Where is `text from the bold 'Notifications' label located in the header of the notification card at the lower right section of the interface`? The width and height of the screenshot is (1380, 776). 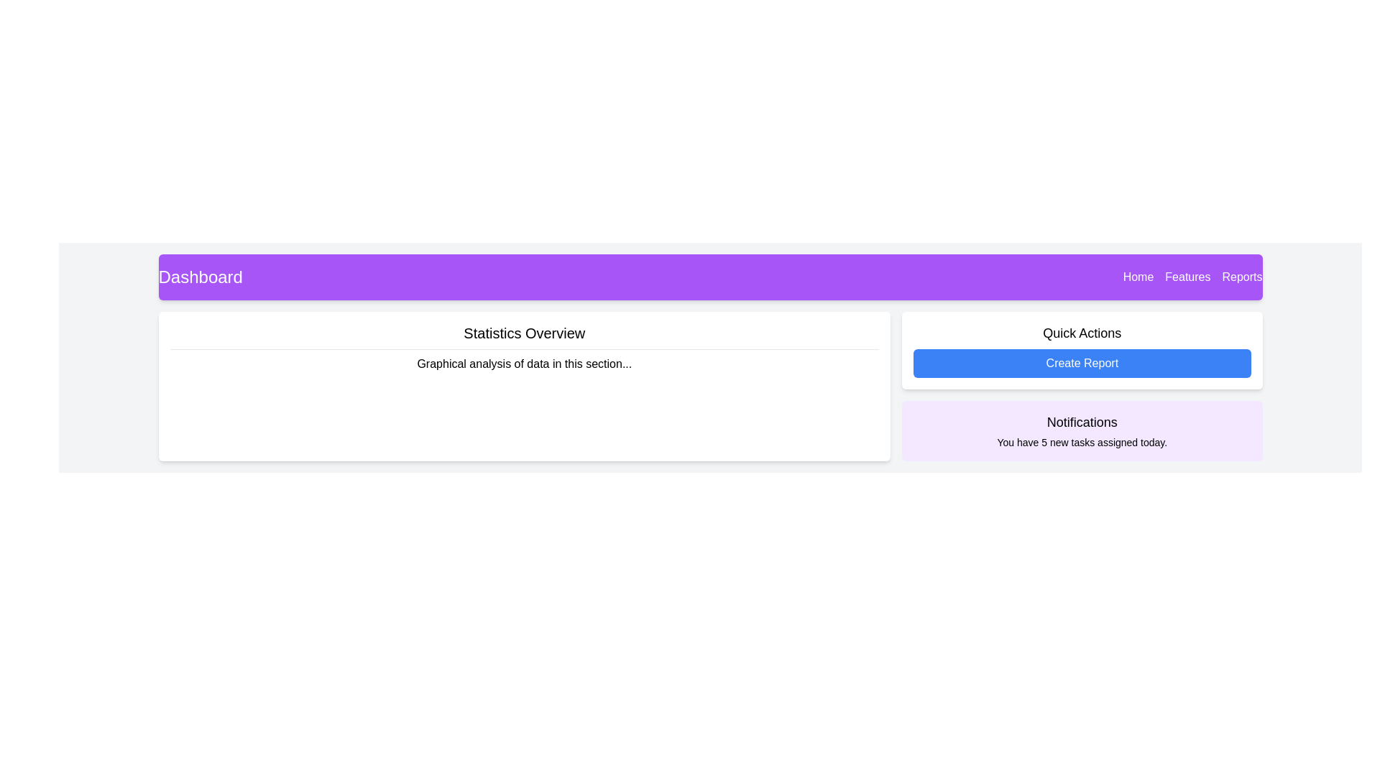
text from the bold 'Notifications' label located in the header of the notification card at the lower right section of the interface is located at coordinates (1082, 421).